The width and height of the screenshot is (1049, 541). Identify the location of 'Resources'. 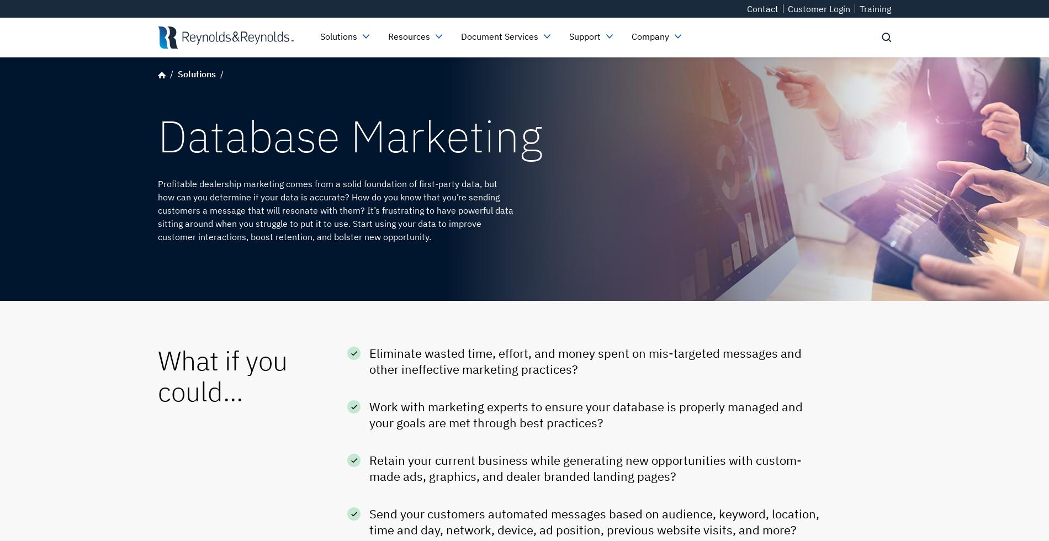
(408, 36).